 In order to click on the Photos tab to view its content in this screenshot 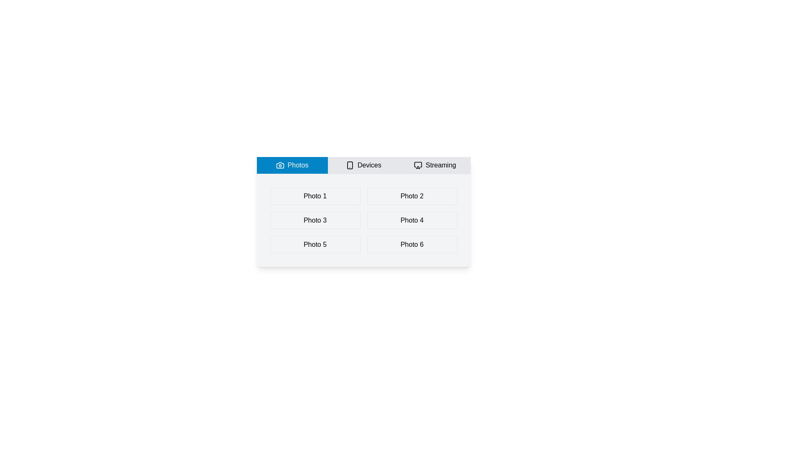, I will do `click(292, 165)`.